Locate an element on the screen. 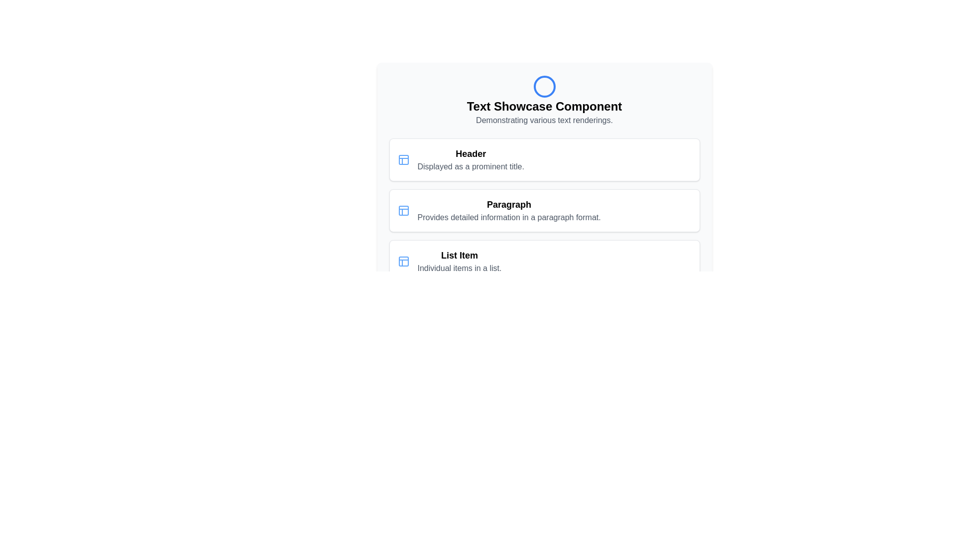 The width and height of the screenshot is (956, 538). the Information Card, which is the second card in a vertical list between 'Header' and 'List Item' is located at coordinates (544, 210).